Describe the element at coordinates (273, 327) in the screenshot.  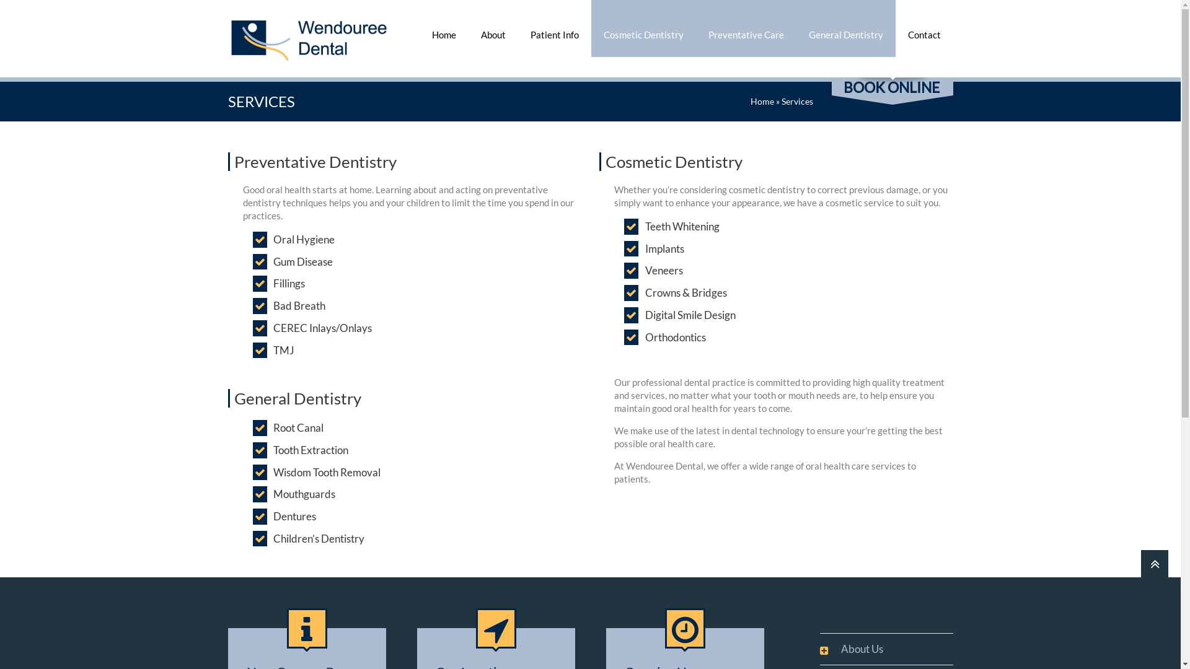
I see `'CEREC Inlays/Onlays'` at that location.